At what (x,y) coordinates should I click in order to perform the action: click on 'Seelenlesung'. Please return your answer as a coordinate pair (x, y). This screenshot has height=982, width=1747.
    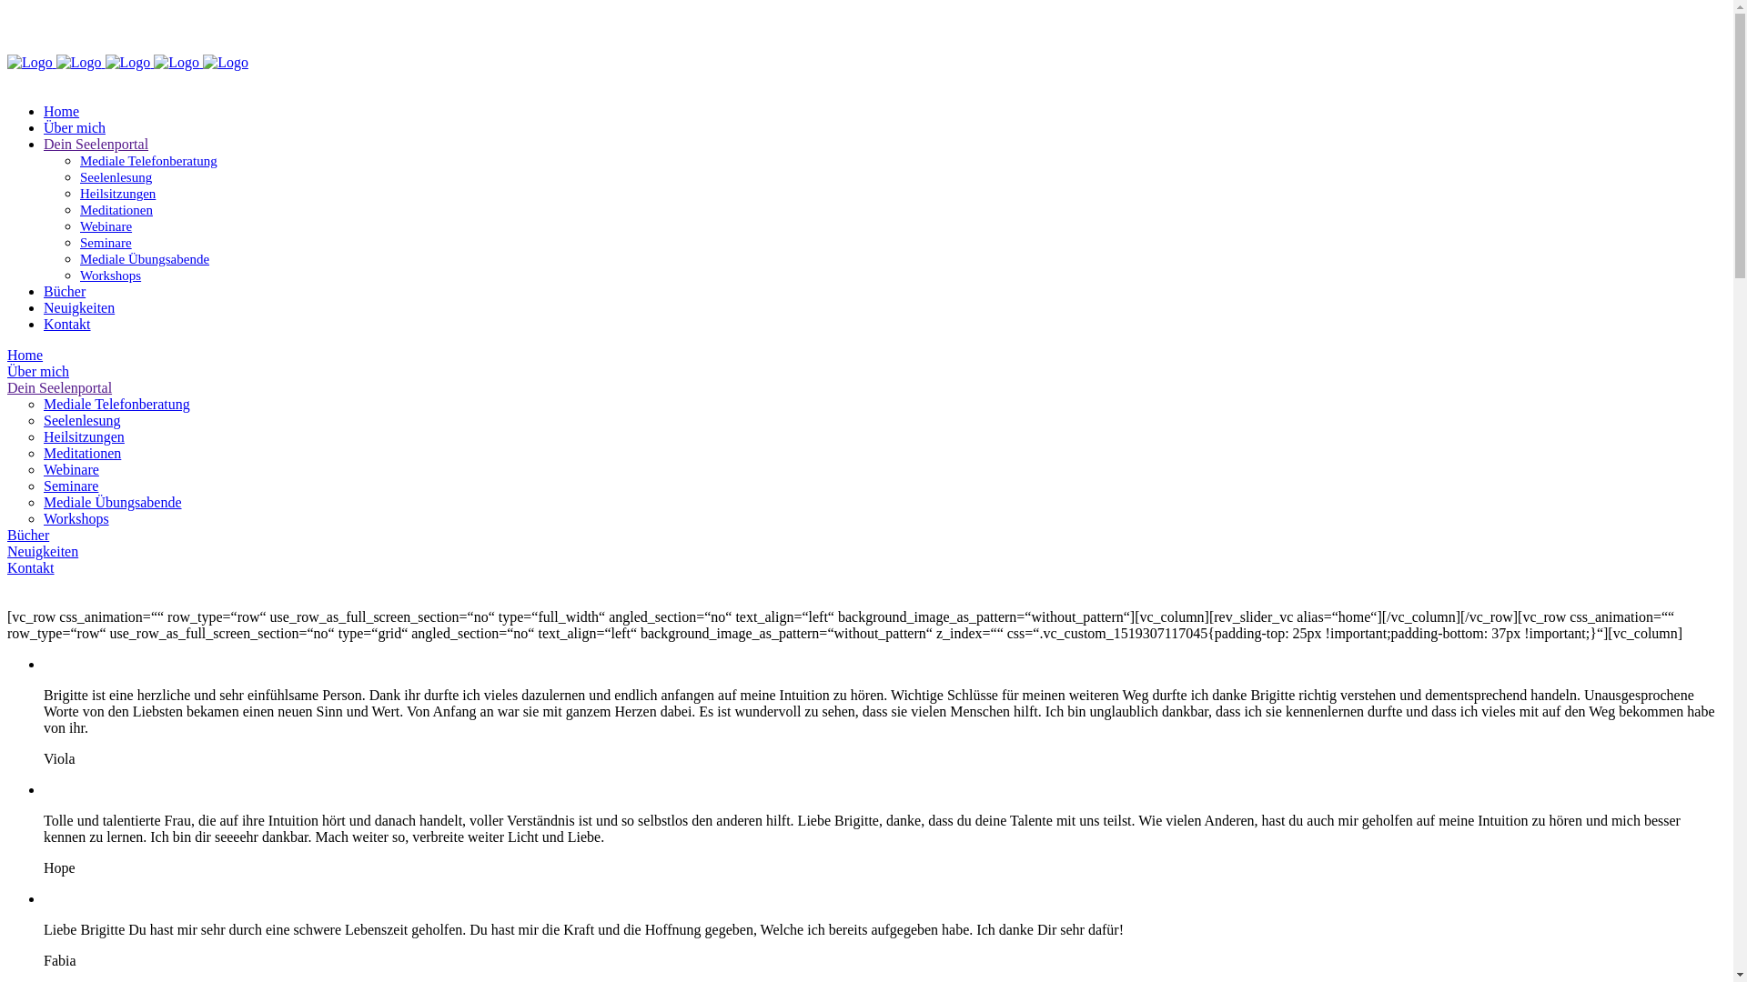
    Looking at the image, I should click on (115, 177).